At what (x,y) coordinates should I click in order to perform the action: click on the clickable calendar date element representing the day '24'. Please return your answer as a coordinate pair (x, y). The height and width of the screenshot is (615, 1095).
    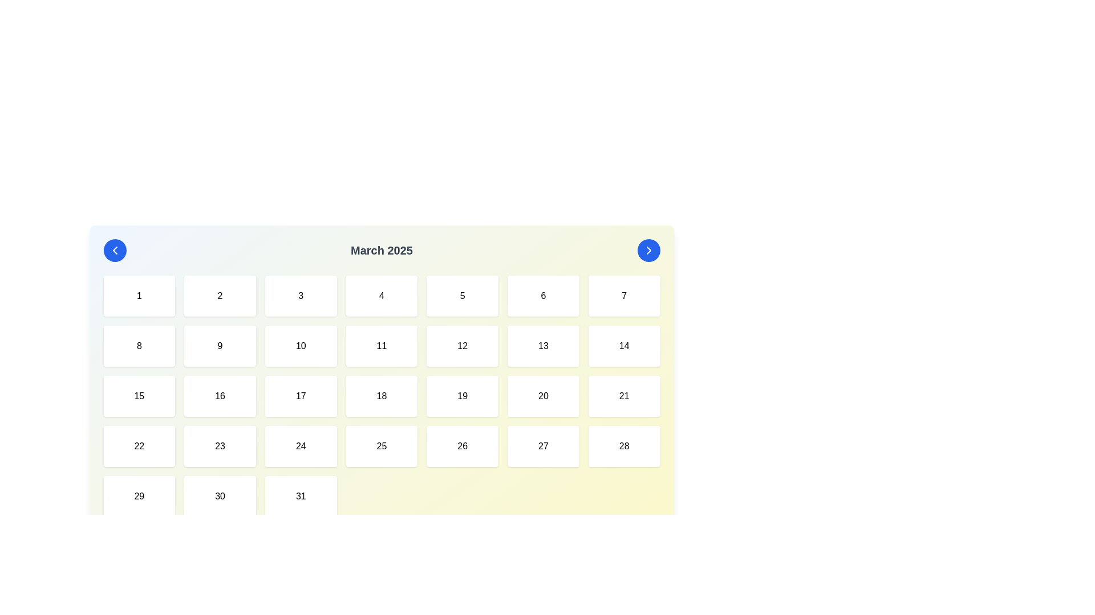
    Looking at the image, I should click on (301, 445).